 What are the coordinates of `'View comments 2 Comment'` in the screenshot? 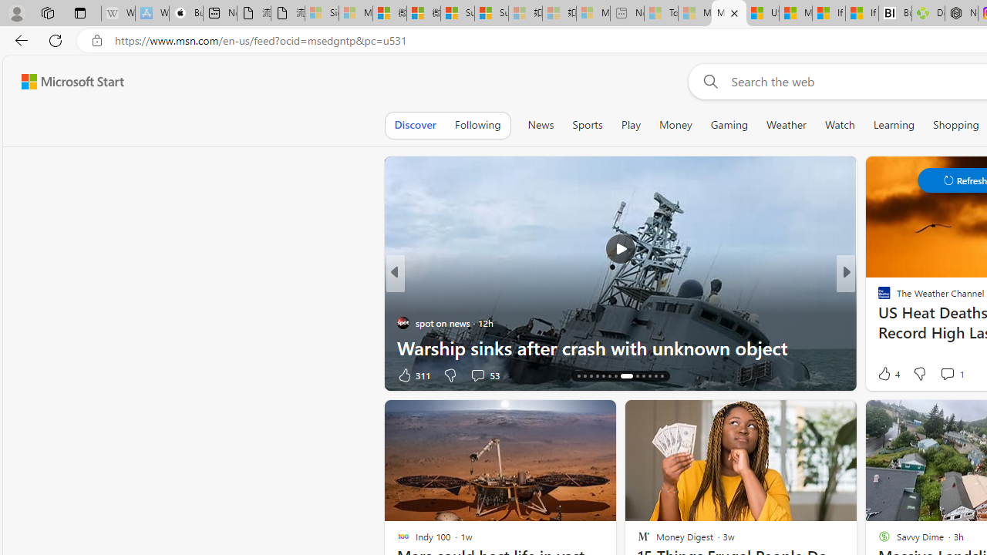 It's located at (952, 375).